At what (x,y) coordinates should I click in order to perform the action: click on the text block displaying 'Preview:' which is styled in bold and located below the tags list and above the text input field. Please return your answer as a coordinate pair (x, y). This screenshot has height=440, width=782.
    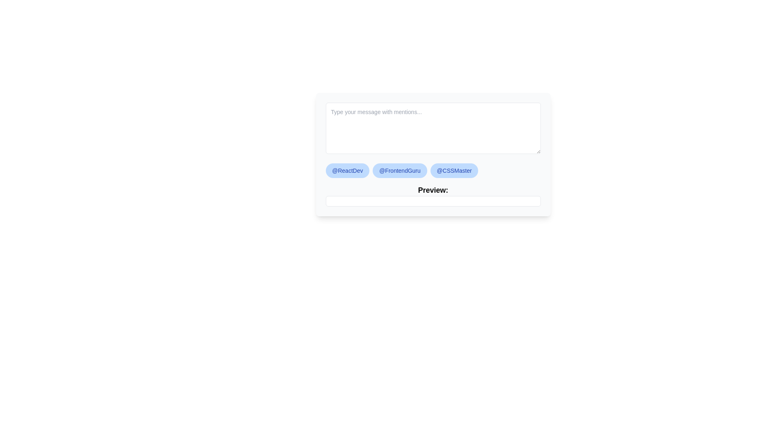
    Looking at the image, I should click on (433, 195).